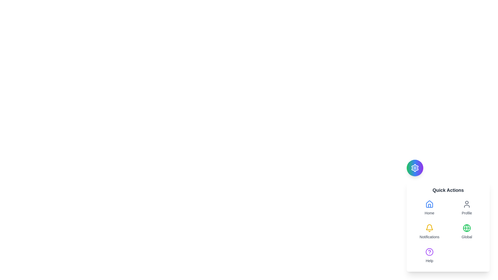 This screenshot has width=498, height=280. I want to click on the text label that describes the Help functionality, located at the bottom-right corner of the interface, beneath the purple help icon, so click(430, 261).